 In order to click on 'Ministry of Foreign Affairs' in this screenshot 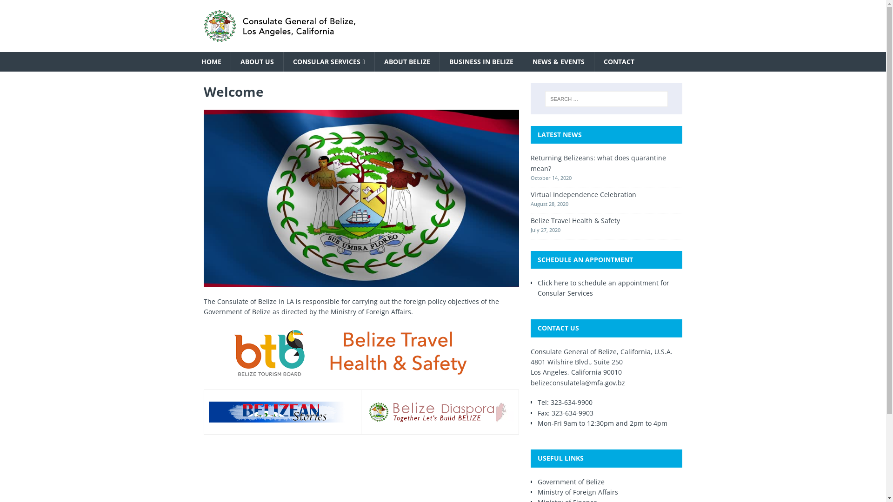, I will do `click(538, 491)`.